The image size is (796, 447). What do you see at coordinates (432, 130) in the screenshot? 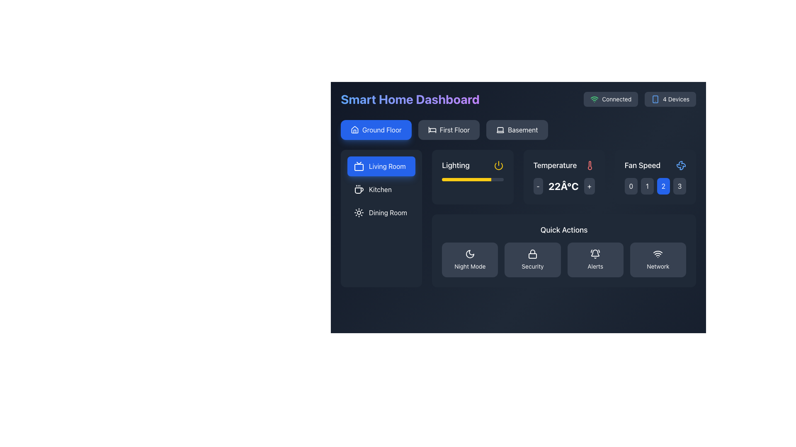
I see `the bed icon representing the 'First Floor' section` at bounding box center [432, 130].